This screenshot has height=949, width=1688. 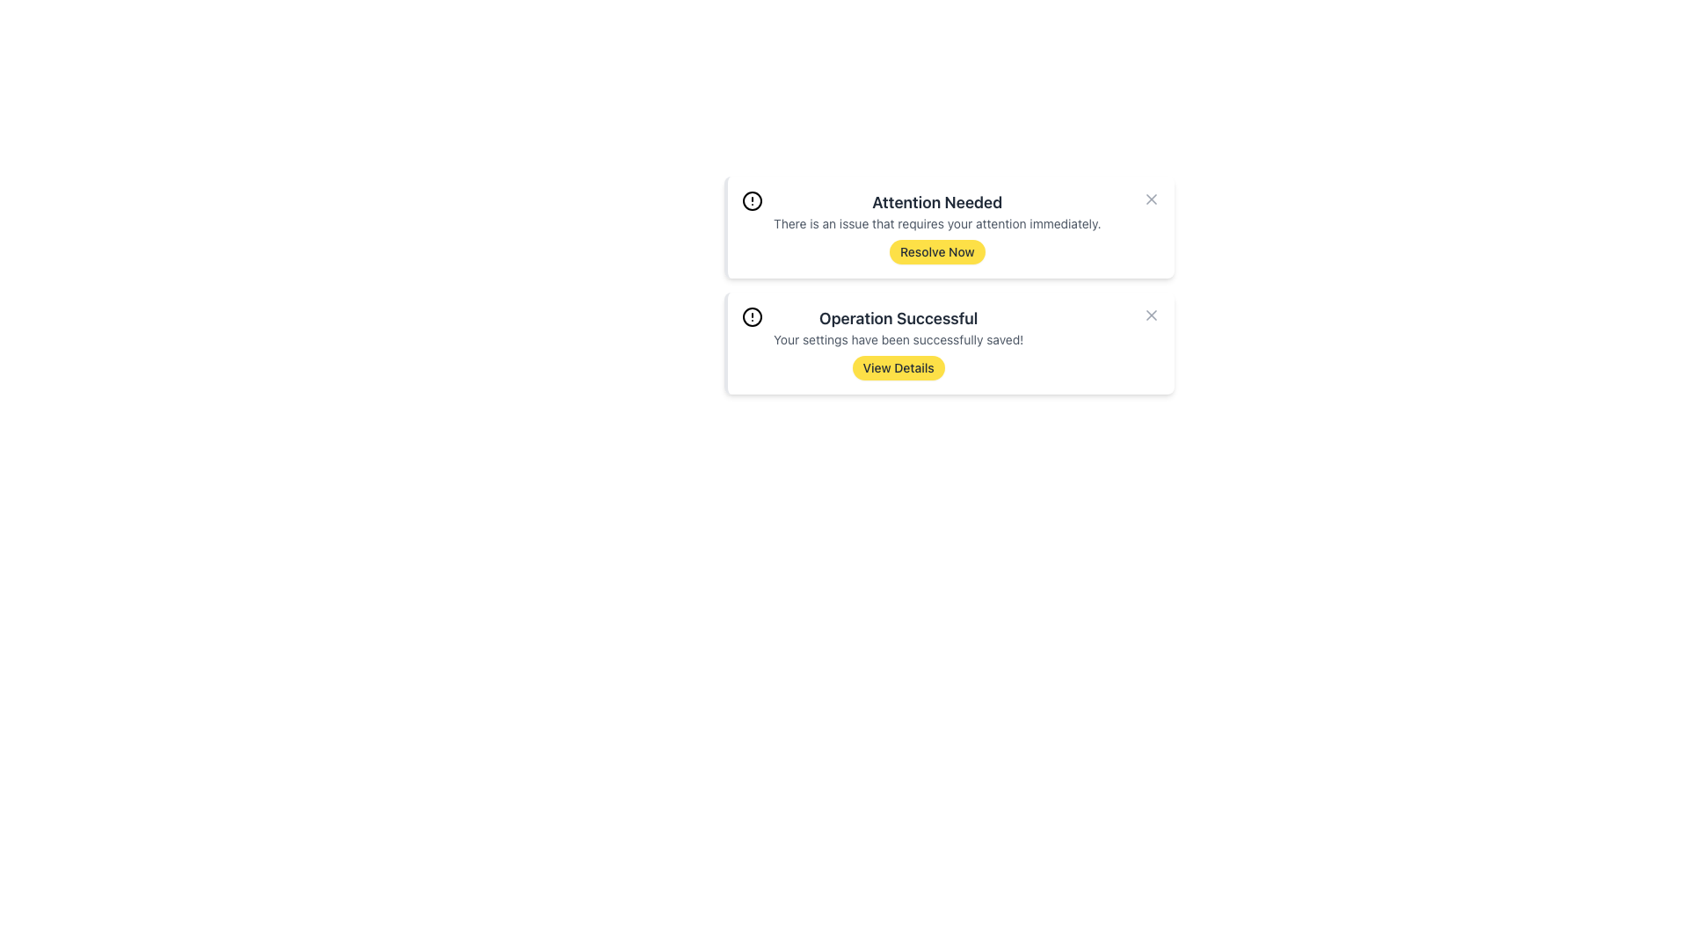 What do you see at coordinates (936, 222) in the screenshot?
I see `the Text Display element that states 'There is an issue that requires your attention immediately.'` at bounding box center [936, 222].